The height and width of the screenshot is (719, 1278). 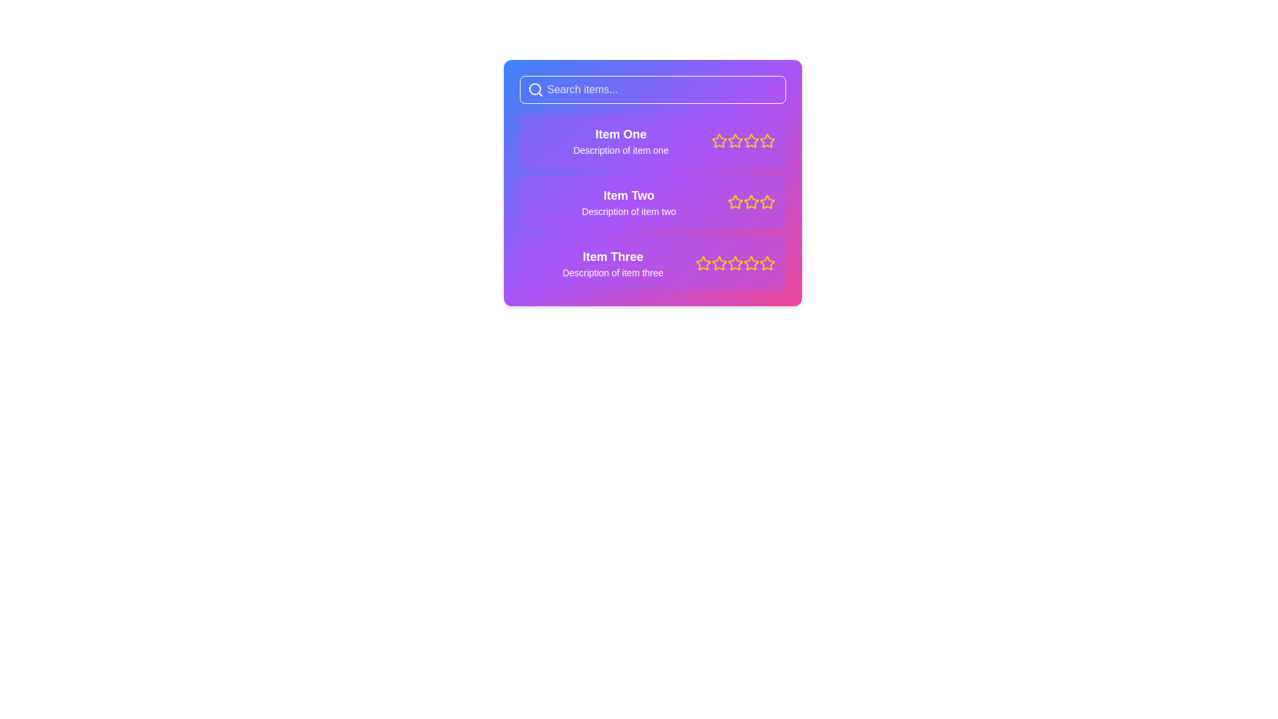 I want to click on the fifth star icon in the five-star rating system for 'Item Three', so click(x=767, y=264).